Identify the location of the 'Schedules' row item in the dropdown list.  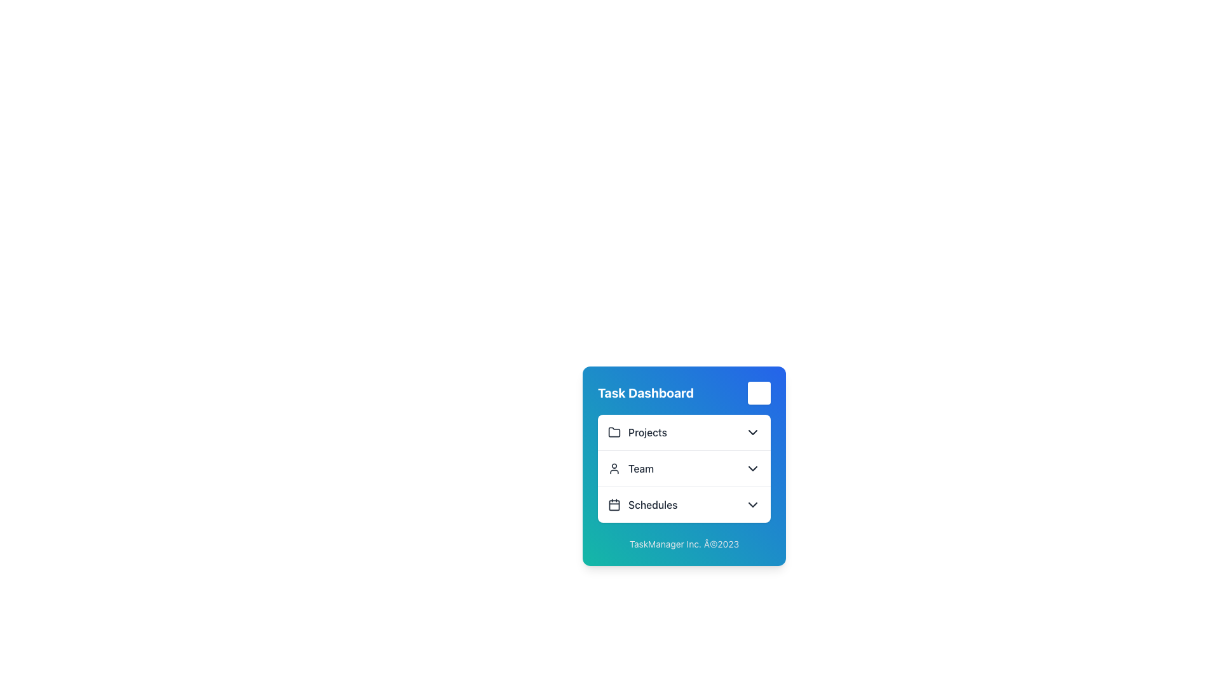
(683, 504).